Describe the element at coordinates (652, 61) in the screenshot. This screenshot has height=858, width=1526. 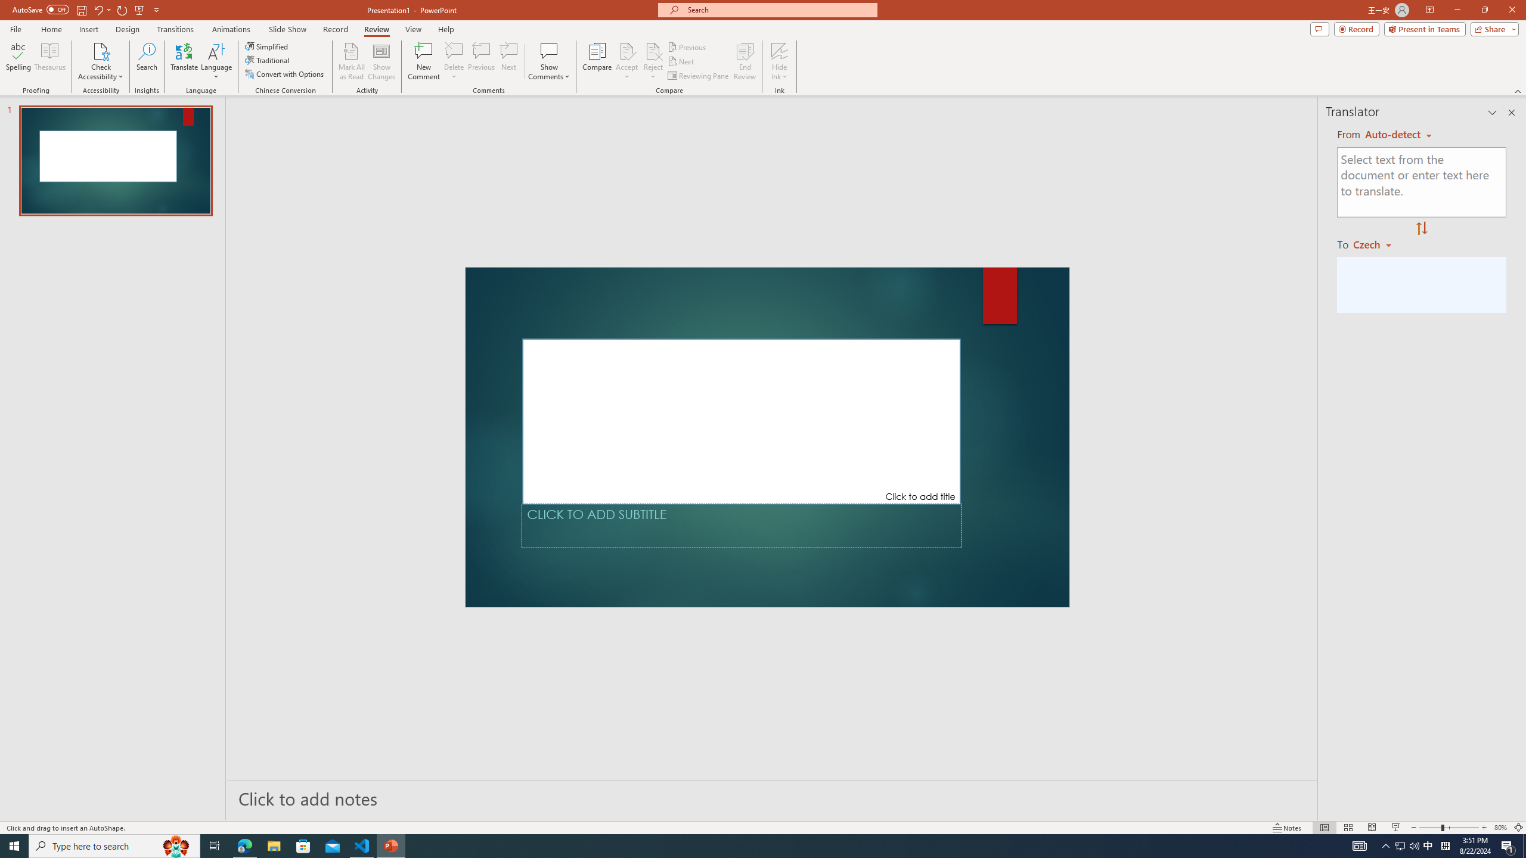
I see `'Reject'` at that location.